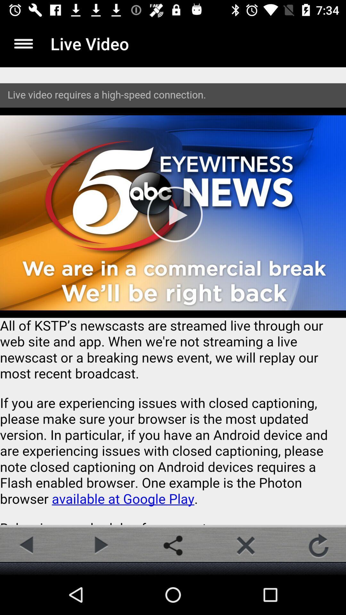 This screenshot has height=615, width=346. Describe the element at coordinates (23, 43) in the screenshot. I see `the menu icon` at that location.